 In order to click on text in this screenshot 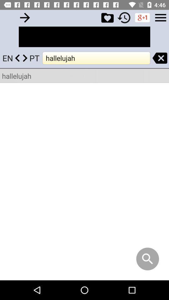, I will do `click(24, 17)`.